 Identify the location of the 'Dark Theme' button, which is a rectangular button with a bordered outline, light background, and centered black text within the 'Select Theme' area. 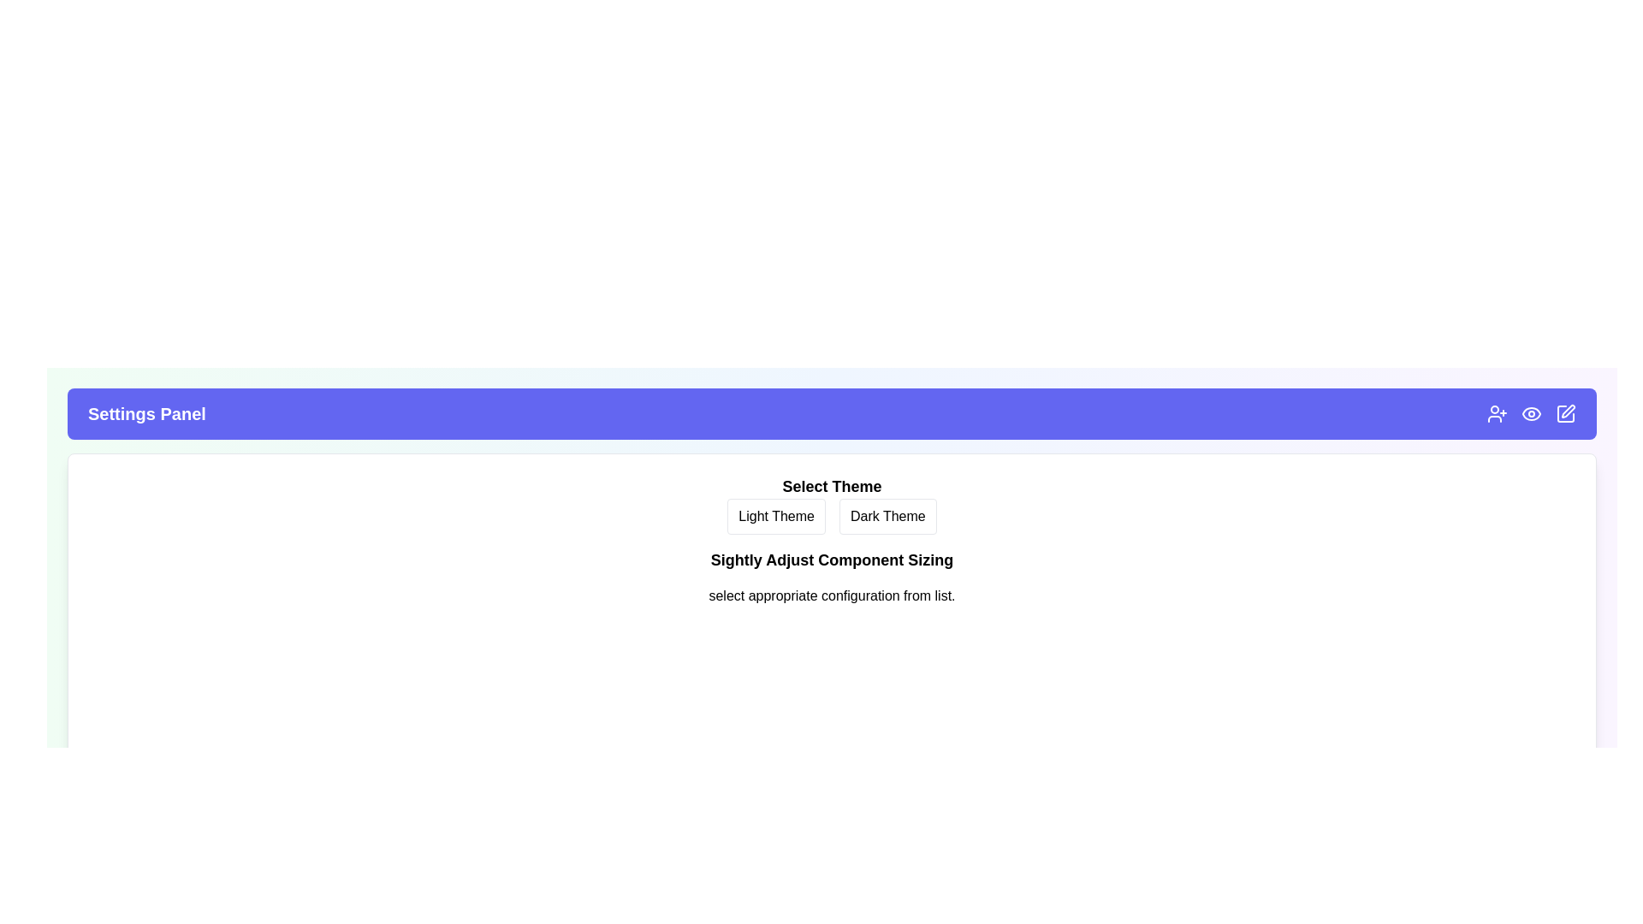
(887, 516).